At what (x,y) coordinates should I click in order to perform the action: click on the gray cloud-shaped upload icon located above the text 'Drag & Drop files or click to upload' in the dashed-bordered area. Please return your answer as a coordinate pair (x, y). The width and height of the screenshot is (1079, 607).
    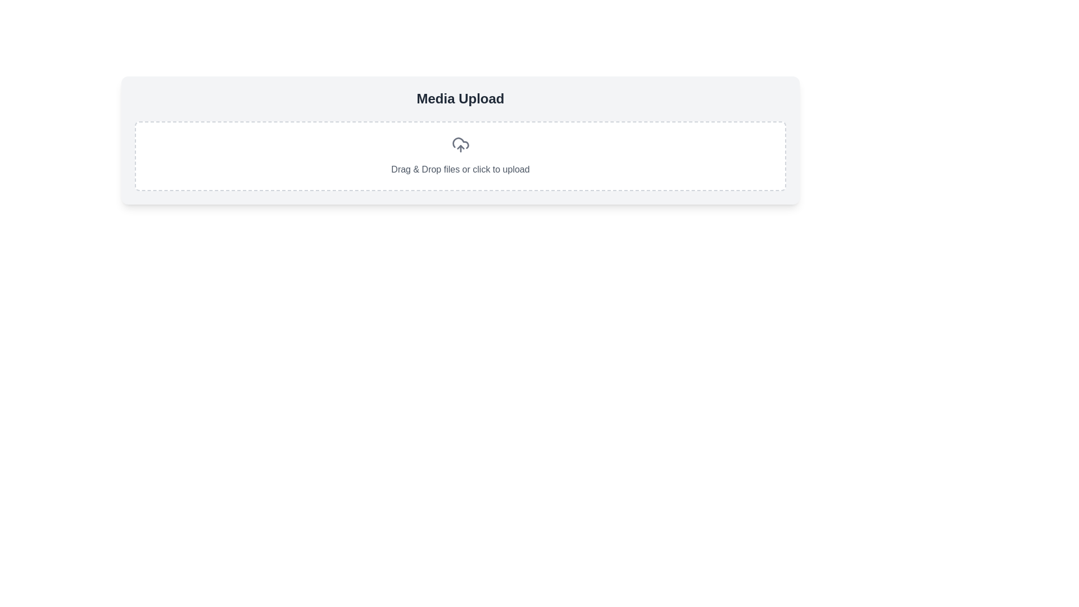
    Looking at the image, I should click on (460, 144).